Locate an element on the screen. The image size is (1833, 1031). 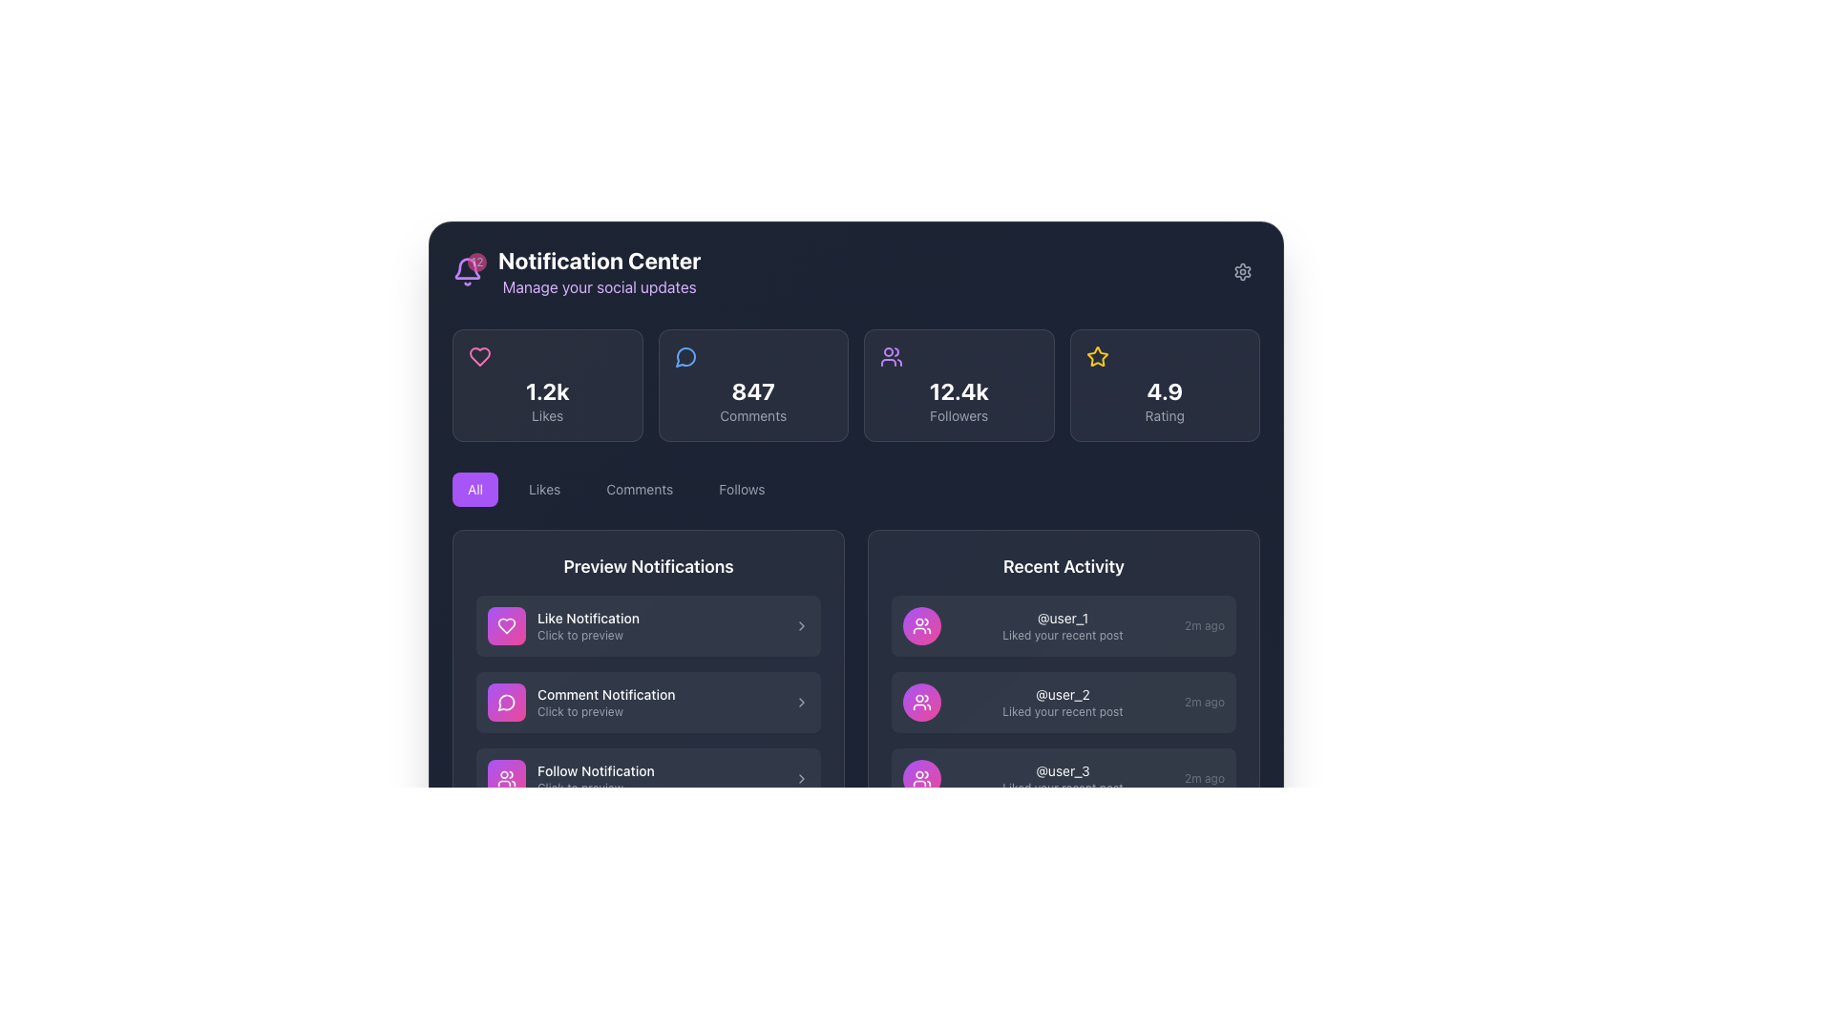
the 'Followers' text label, which is styled in small gray font and positioned below the bold white number '12.4k' within a rounded rectangular card is located at coordinates (959, 414).